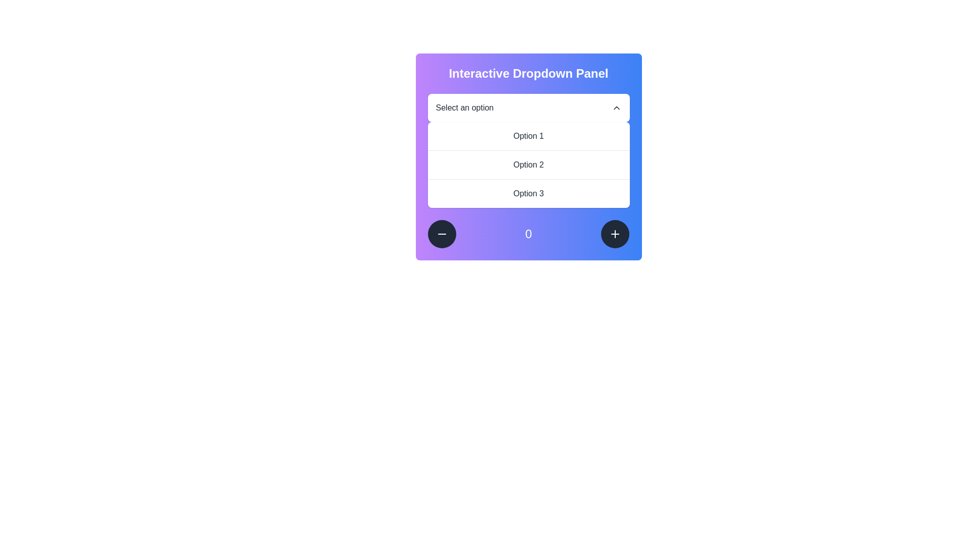 The width and height of the screenshot is (969, 545). What do you see at coordinates (615, 234) in the screenshot?
I see `the increment button located at the bottom-right corner of the panel` at bounding box center [615, 234].